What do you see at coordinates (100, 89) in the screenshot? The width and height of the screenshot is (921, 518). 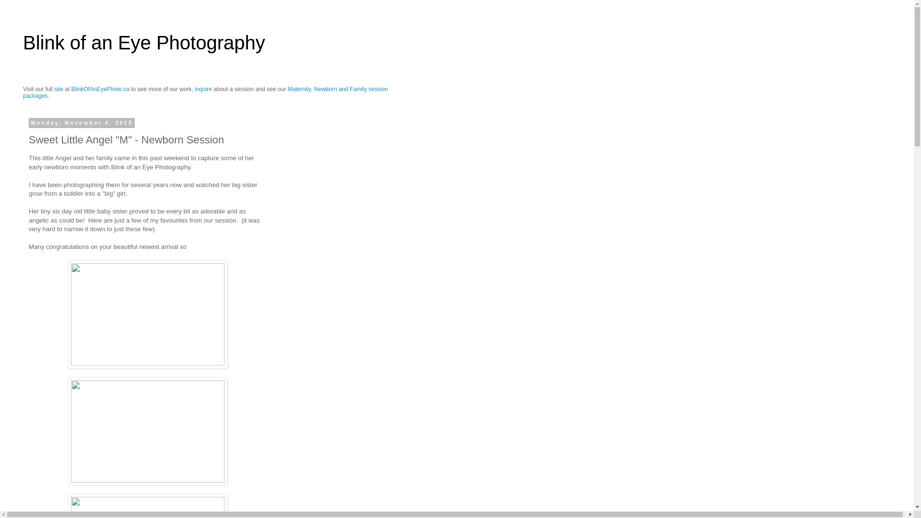 I see `'BlinkOfAnEyePhoto.ca'` at bounding box center [100, 89].